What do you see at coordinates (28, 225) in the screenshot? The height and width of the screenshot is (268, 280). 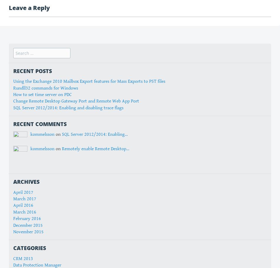 I see `'December 2015'` at bounding box center [28, 225].